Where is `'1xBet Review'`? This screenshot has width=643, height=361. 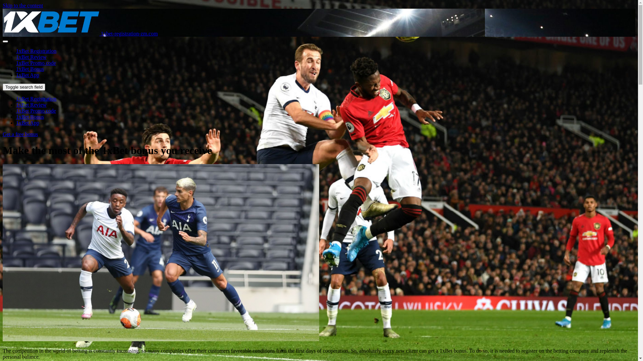
'1xBet Review' is located at coordinates (31, 56).